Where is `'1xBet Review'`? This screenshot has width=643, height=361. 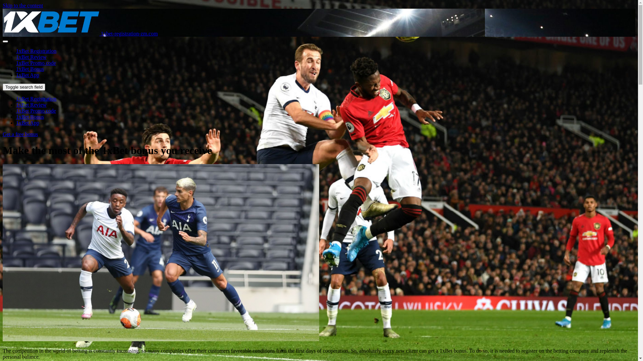
'1xBet Review' is located at coordinates (31, 56).